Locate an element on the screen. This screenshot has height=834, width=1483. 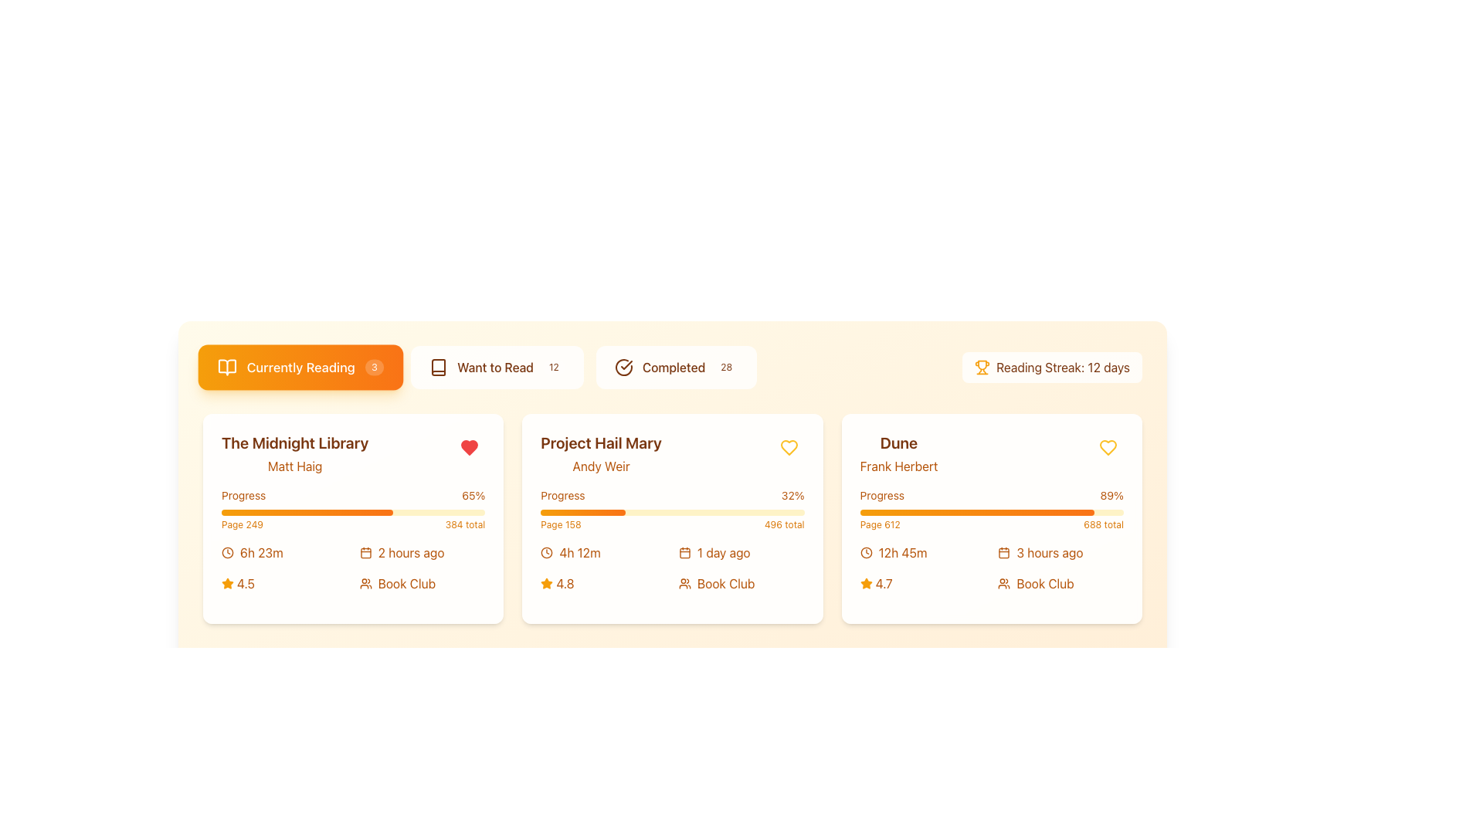
the small rectangular calendar icon with a light tone located near the text '3 hours ago' under the 'Dune' book item is located at coordinates (1004, 552).